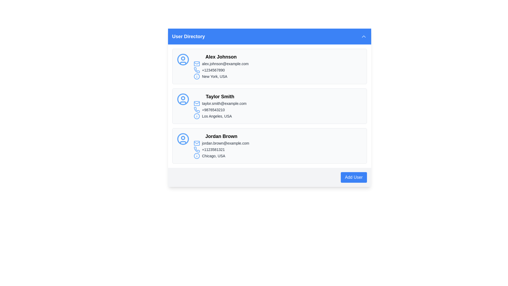  What do you see at coordinates (183, 137) in the screenshot?
I see `the filled circular graphical indicator within the user profile icon for 'Jordan Brown', which is the third profile card in the list` at bounding box center [183, 137].